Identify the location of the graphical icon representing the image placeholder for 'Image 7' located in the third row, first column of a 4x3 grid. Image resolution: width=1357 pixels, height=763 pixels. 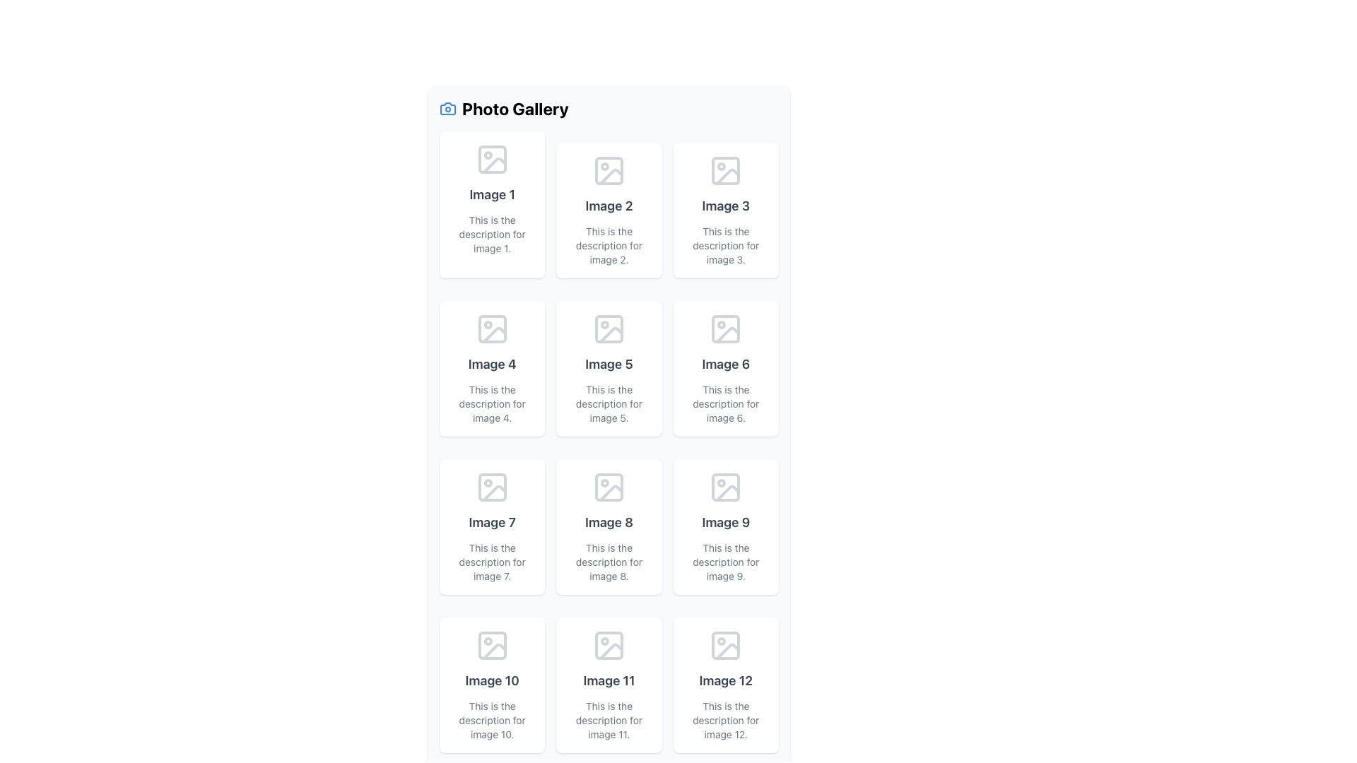
(494, 492).